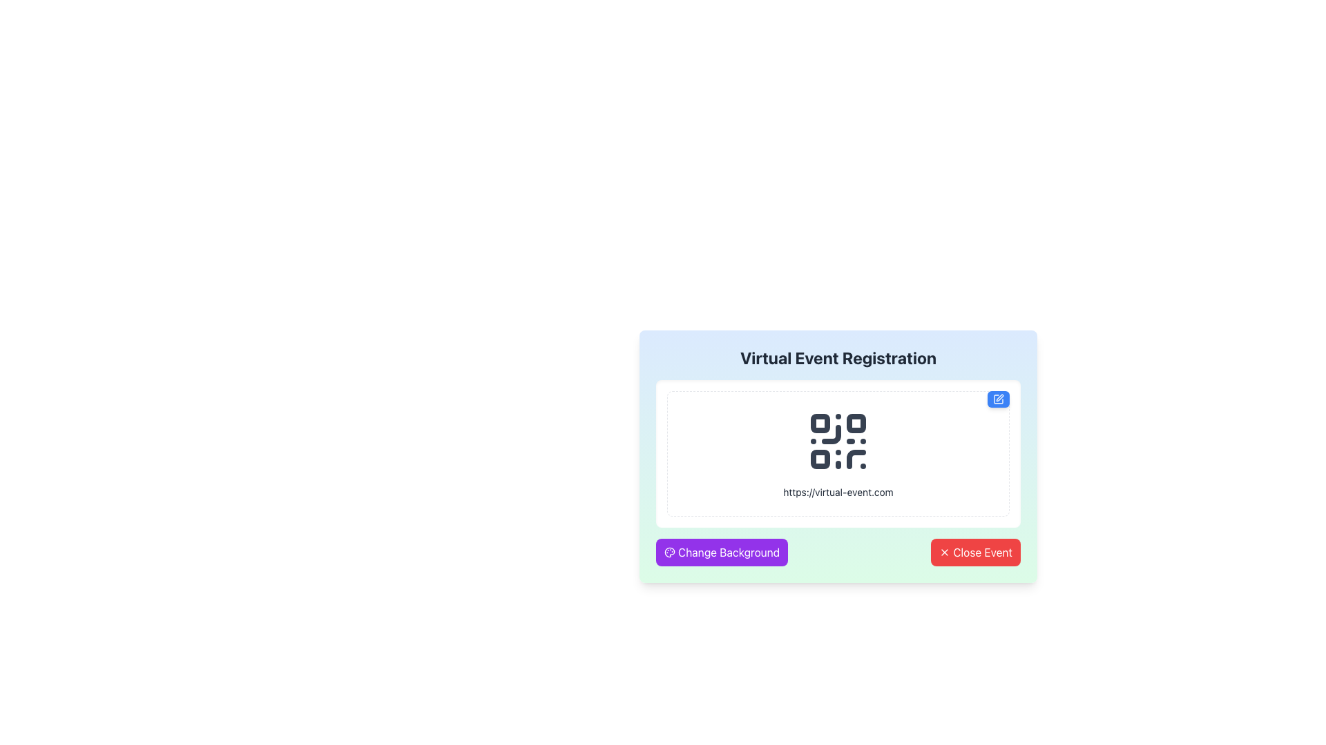 The width and height of the screenshot is (1326, 745). What do you see at coordinates (838, 491) in the screenshot?
I see `the Text label that displays the URL, located directly below the QR code icon in the 'Virtual Event Registration' section` at bounding box center [838, 491].